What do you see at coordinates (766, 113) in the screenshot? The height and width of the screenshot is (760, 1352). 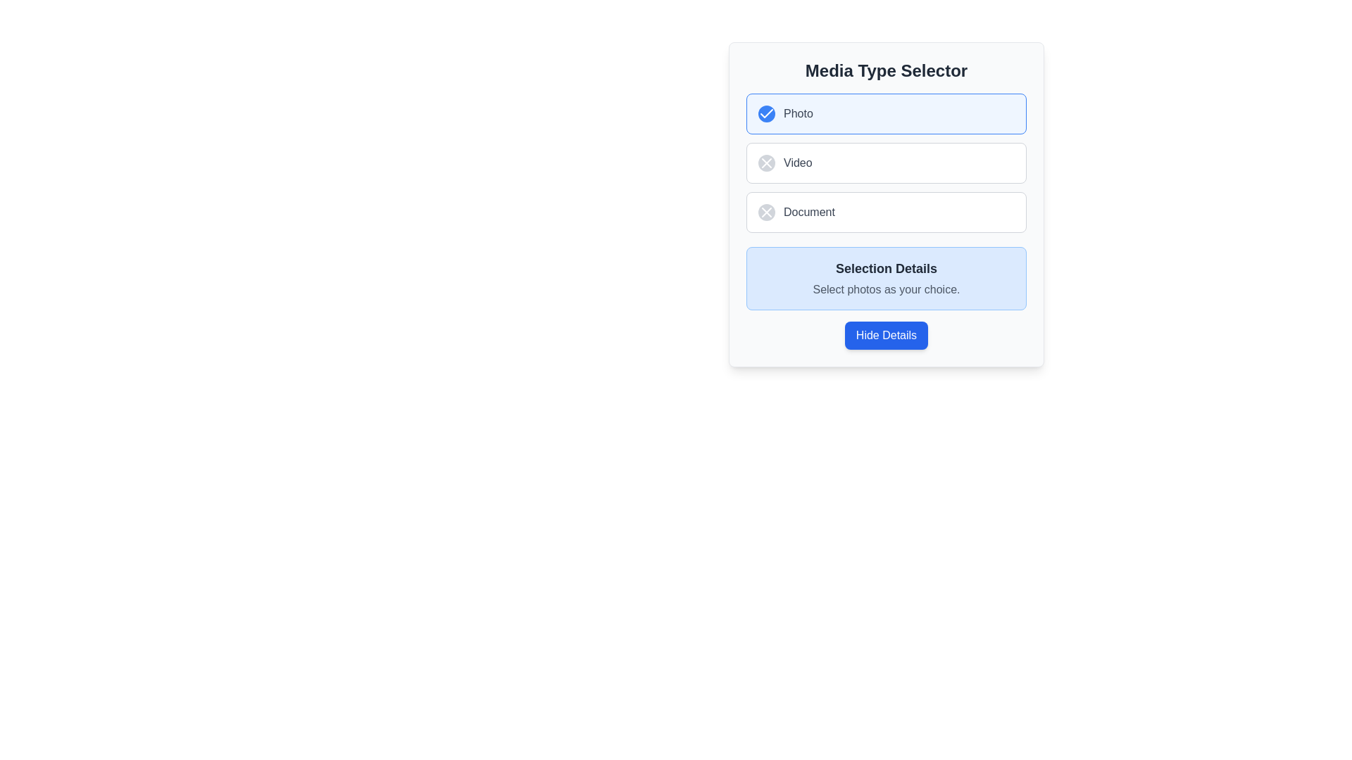 I see `the 'Photo' media type selection icon, which indicates that the 'Photo' media type is currently selected` at bounding box center [766, 113].